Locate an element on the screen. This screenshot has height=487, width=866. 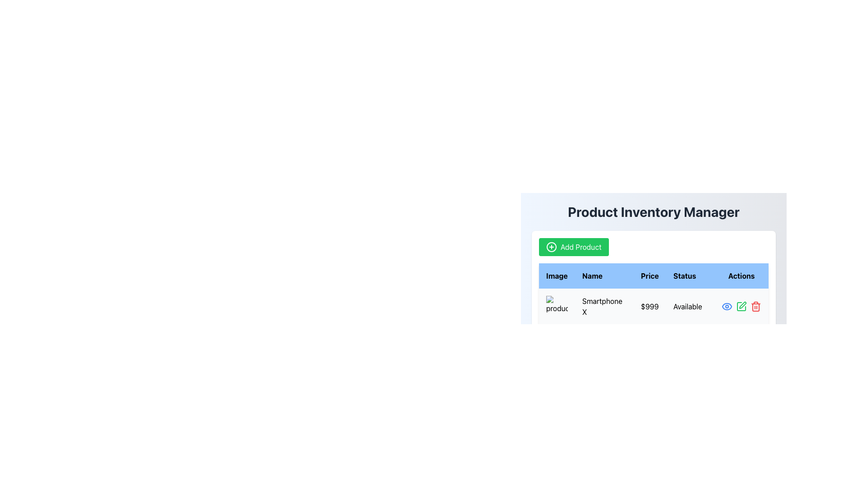
the red trashcan icon button located in the 'Actions' column of the table is located at coordinates (755, 306).